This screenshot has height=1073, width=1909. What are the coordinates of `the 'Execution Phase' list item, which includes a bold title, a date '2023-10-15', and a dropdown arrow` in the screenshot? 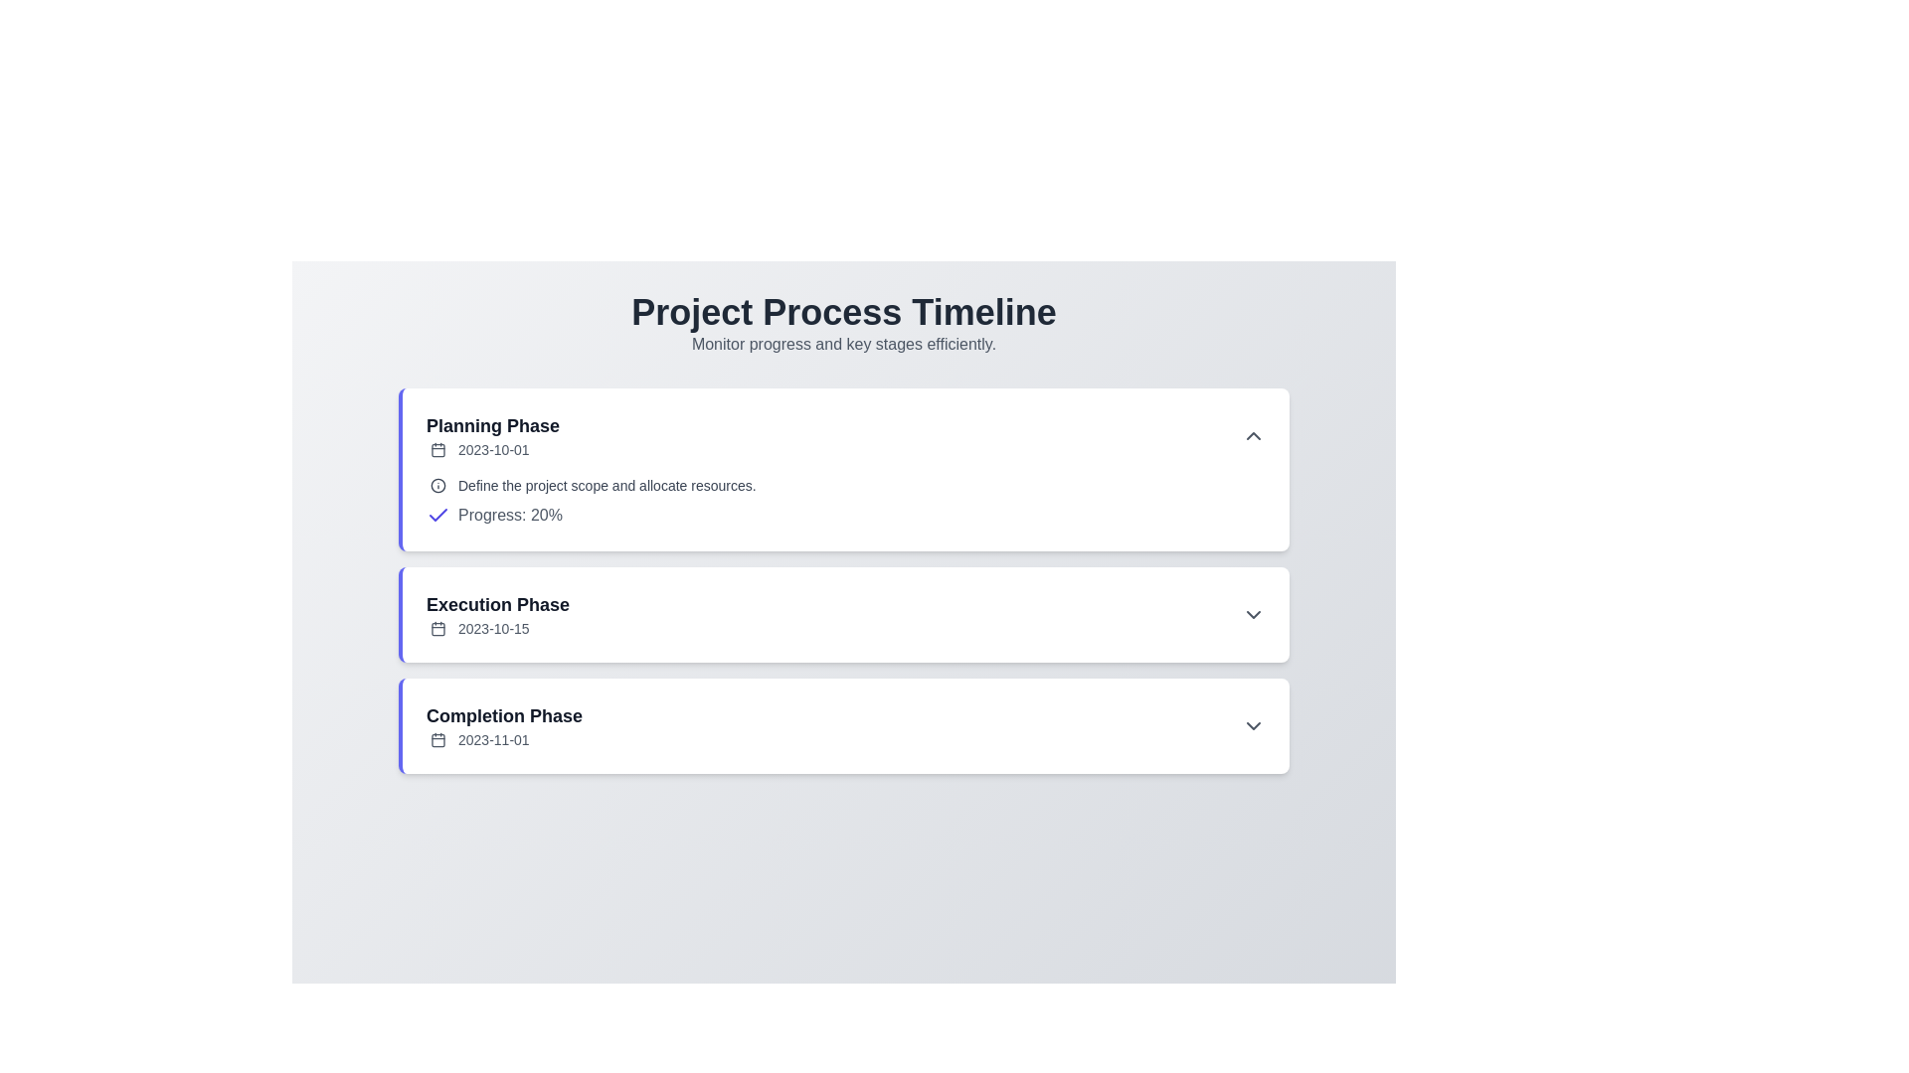 It's located at (845, 613).